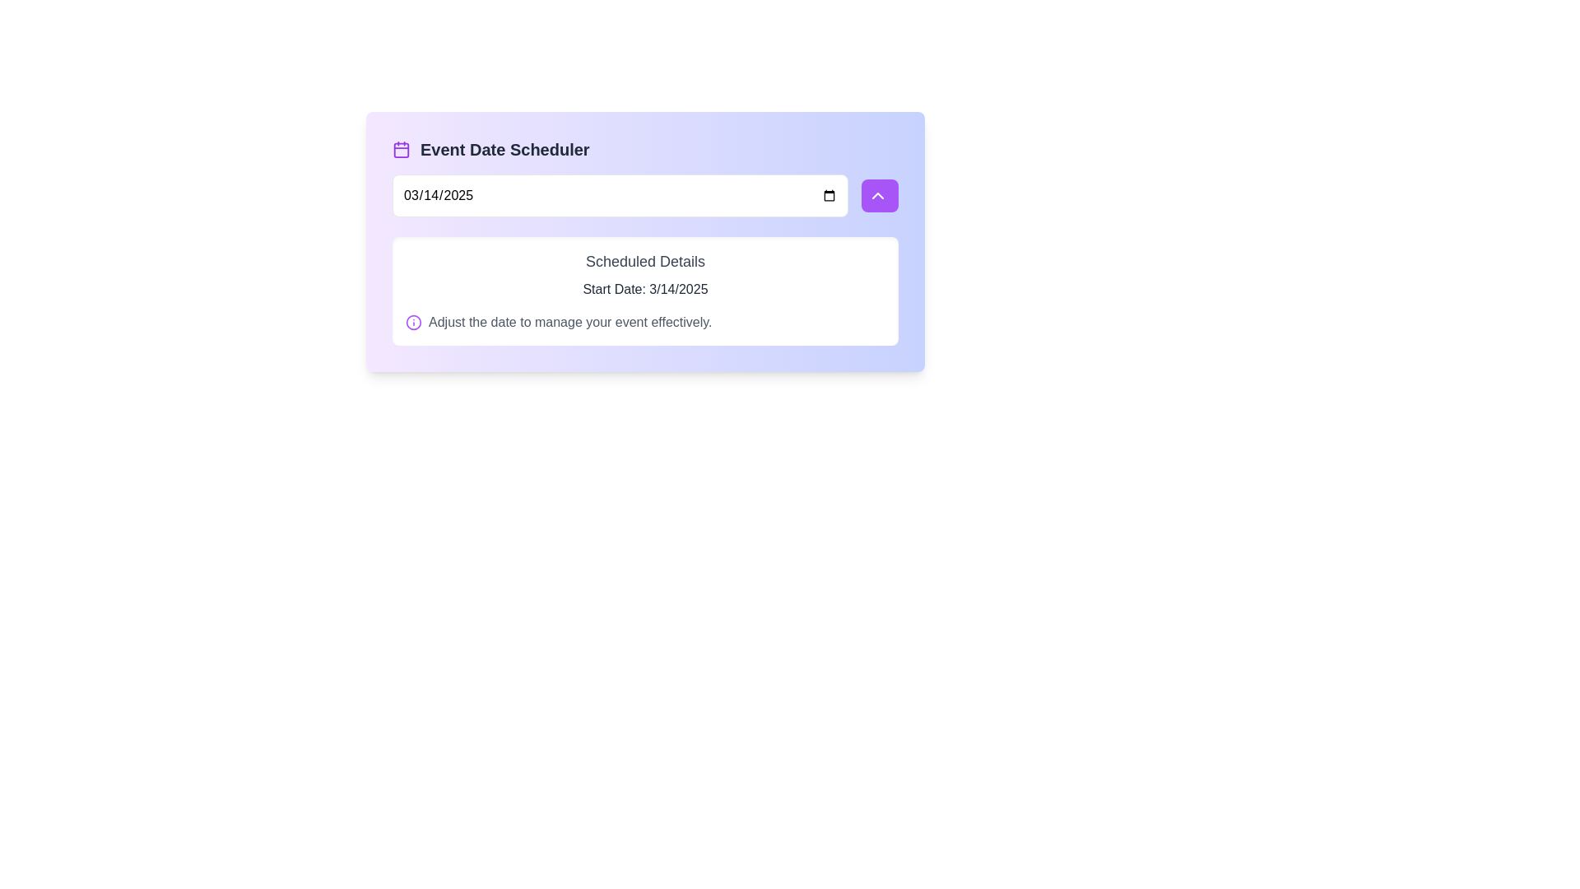 This screenshot has height=889, width=1580. I want to click on the Information Message that contains the text 'Adjust the date to manage your event effectively.' and is located below 'Start Date: 3/14/2025' in the 'Scheduled Details' box, so click(644, 323).